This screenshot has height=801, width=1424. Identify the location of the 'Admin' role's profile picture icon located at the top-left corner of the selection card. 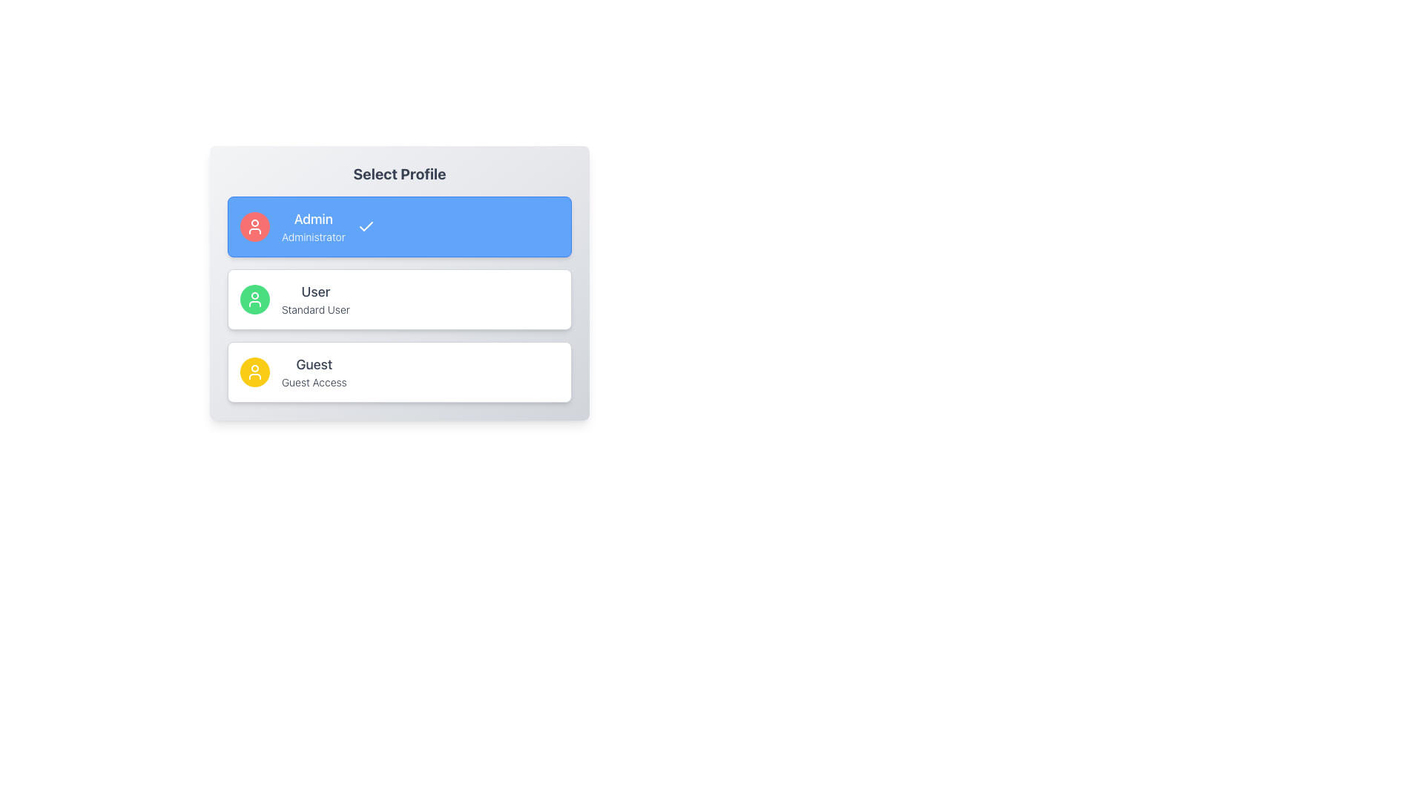
(255, 226).